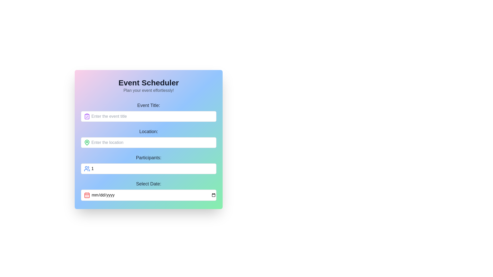 The width and height of the screenshot is (493, 277). I want to click on the clipboard icon with a checkmark located to the far left of the 'Enter the event title' input field in the 'Event Title' section, so click(87, 116).